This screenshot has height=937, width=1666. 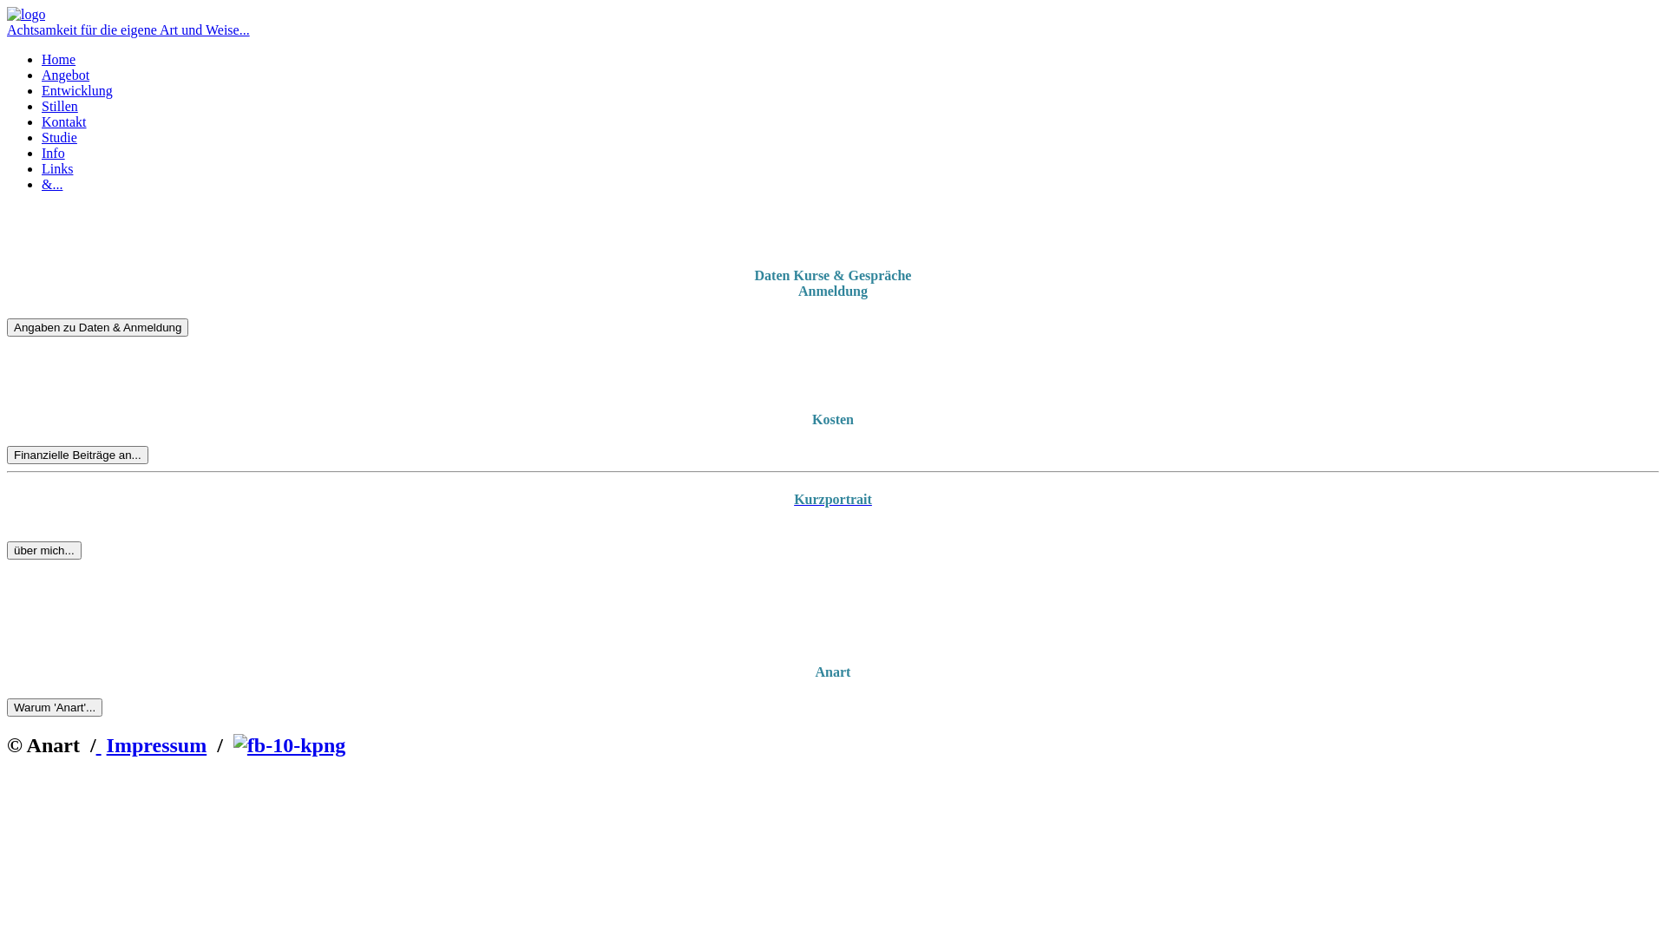 I want to click on 'Angaben zu Daten & Anmeldung', so click(x=96, y=327).